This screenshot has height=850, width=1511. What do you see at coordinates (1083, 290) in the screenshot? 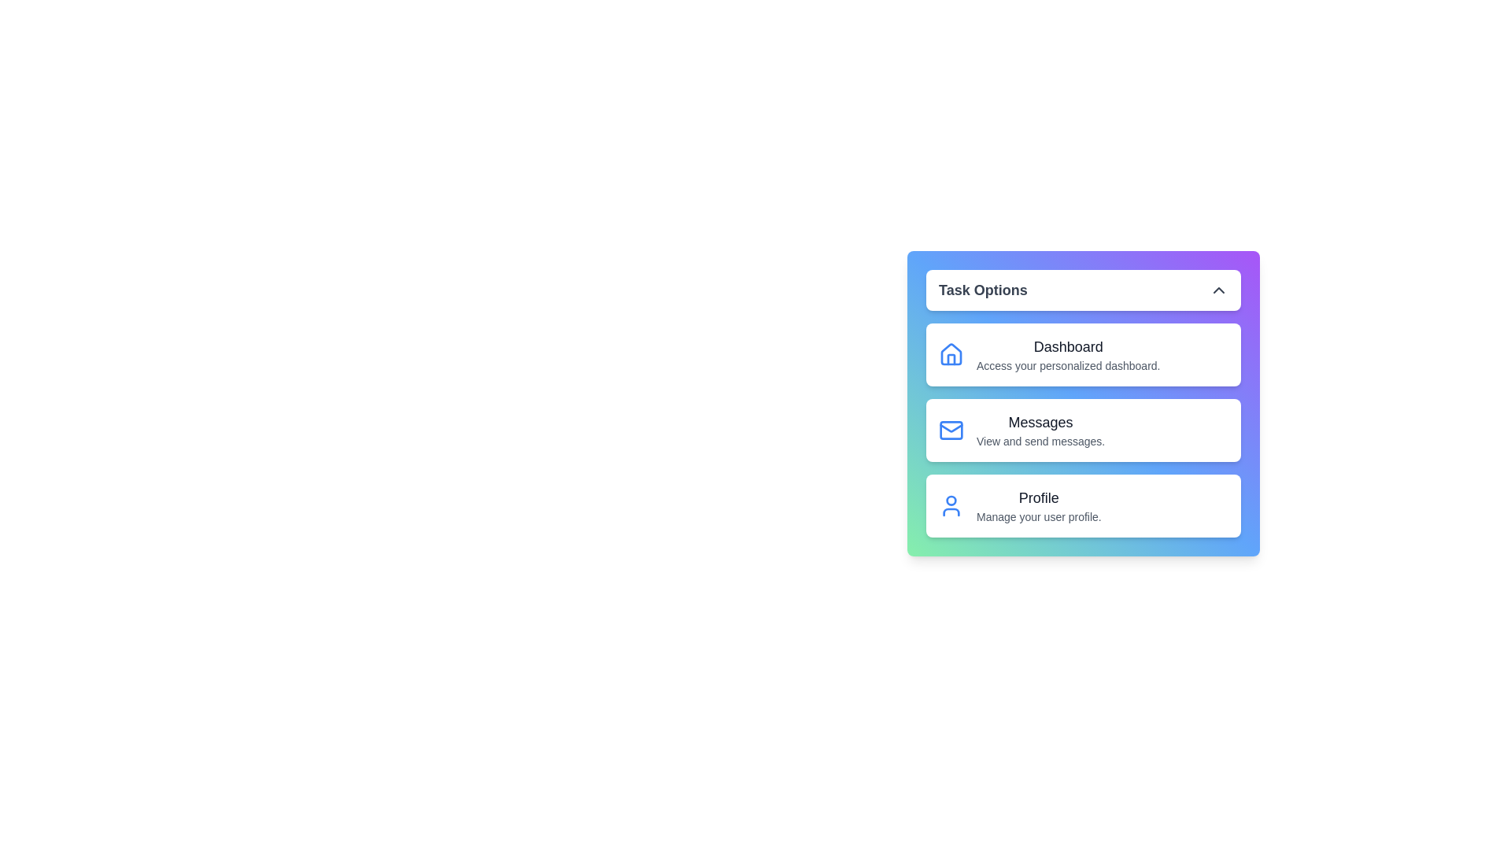
I see `the 'Task Options' button to toggle the menu` at bounding box center [1083, 290].